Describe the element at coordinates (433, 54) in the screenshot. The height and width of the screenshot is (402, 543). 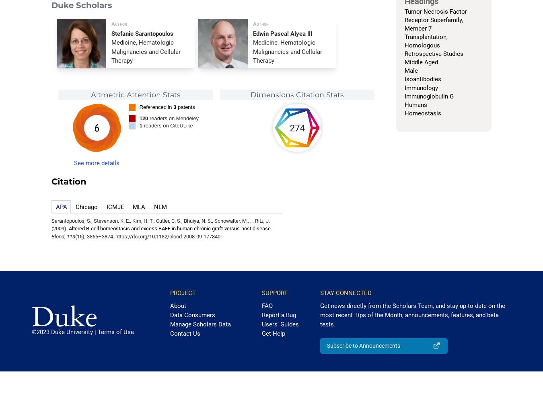
I see `'Retrospective Studies'` at that location.